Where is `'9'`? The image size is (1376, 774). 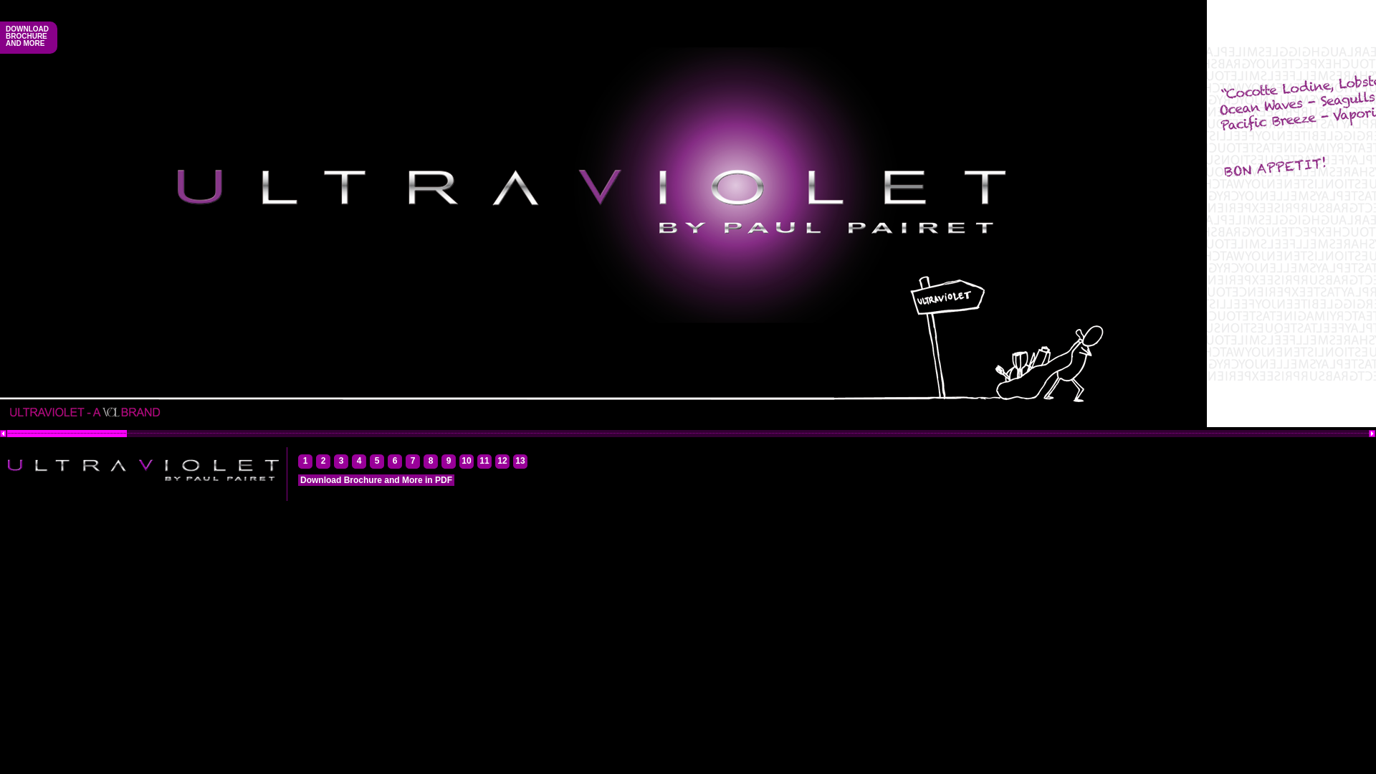
'9' is located at coordinates (440, 462).